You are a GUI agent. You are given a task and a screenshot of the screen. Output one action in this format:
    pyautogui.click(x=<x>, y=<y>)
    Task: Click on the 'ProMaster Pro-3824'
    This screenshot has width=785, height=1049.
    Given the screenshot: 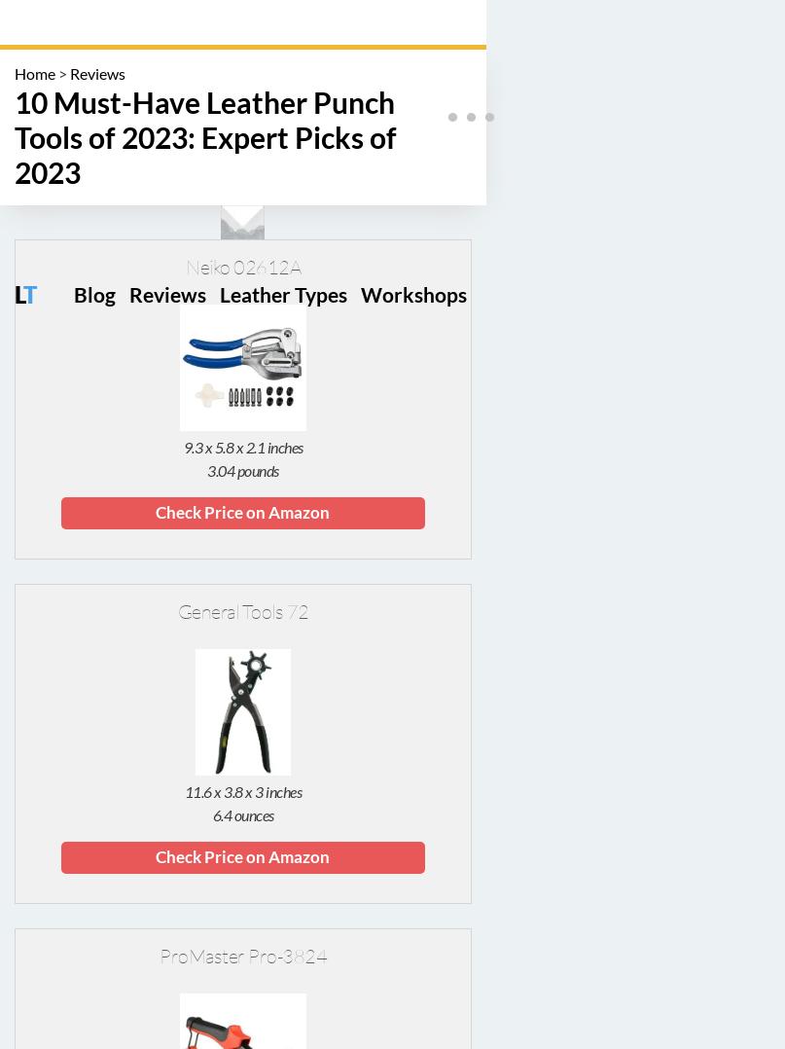 What is the action you would take?
    pyautogui.click(x=242, y=956)
    